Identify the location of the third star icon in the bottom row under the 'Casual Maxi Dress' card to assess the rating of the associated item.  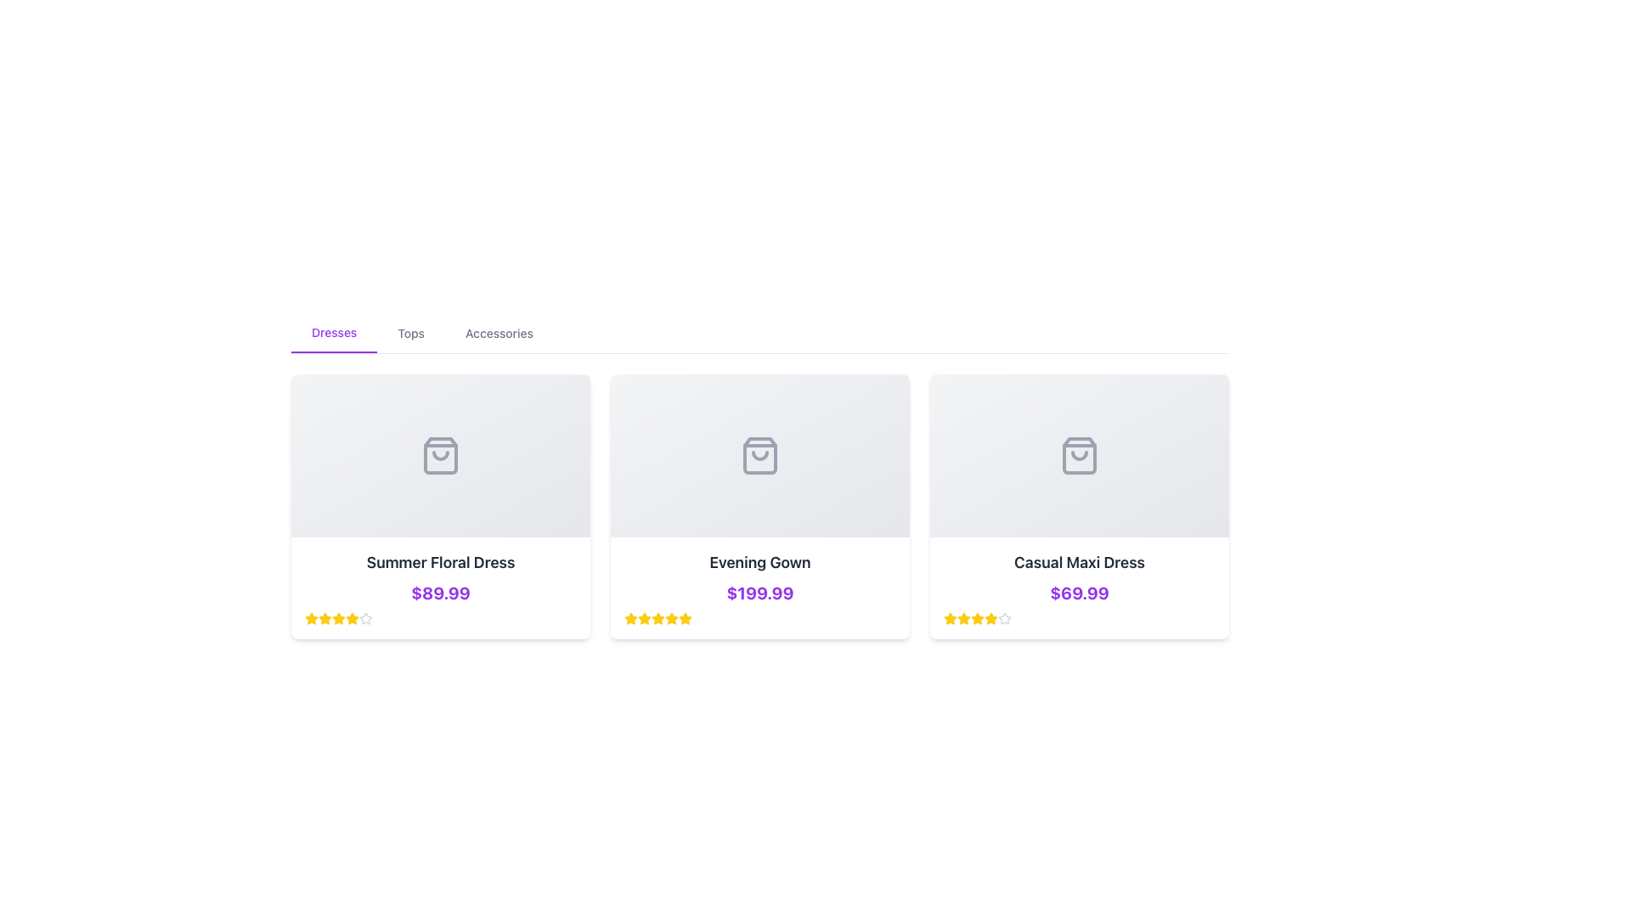
(978, 618).